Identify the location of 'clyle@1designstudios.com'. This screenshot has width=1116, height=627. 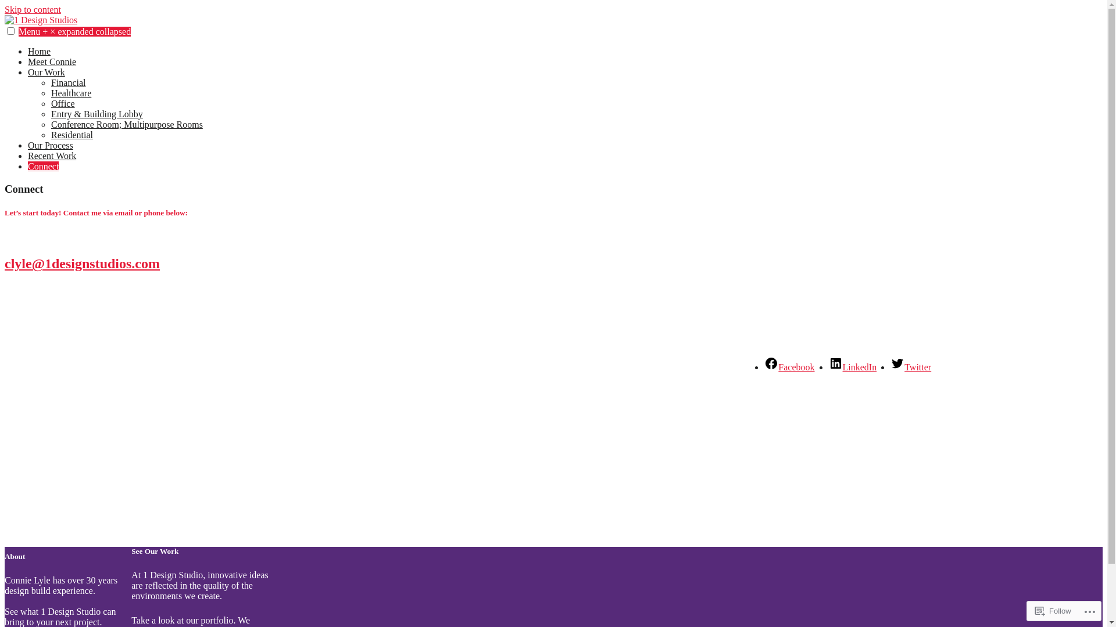
(81, 264).